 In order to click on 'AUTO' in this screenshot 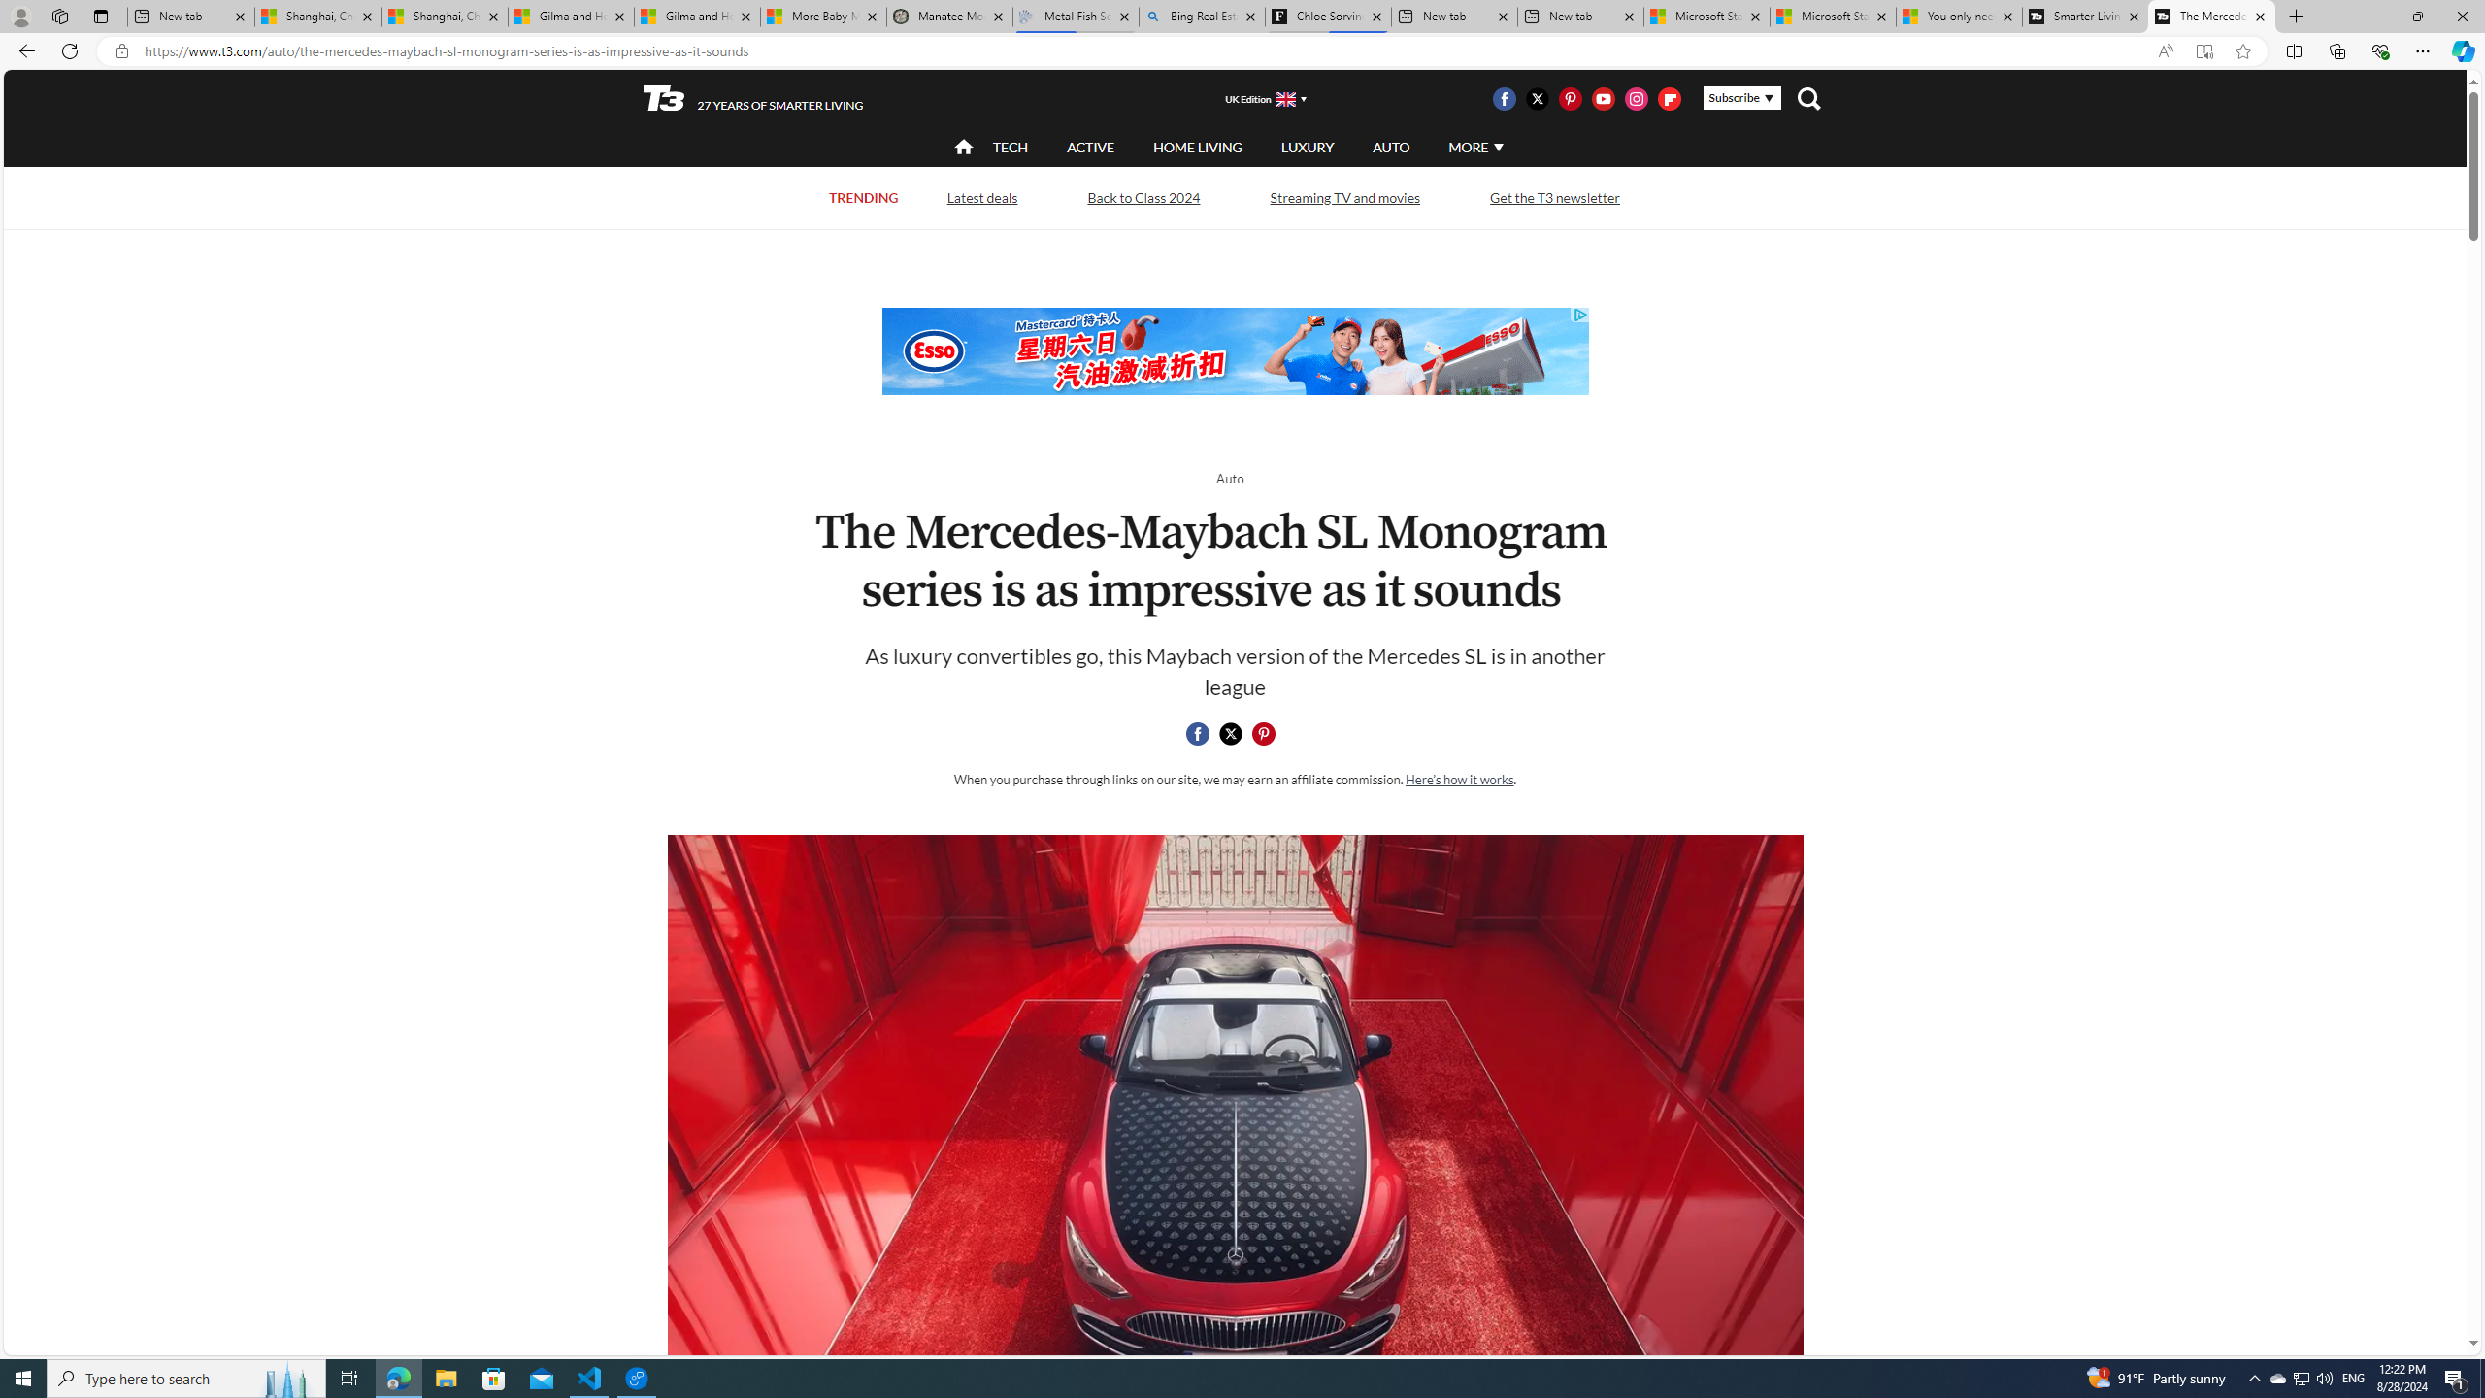, I will do `click(1390, 146)`.